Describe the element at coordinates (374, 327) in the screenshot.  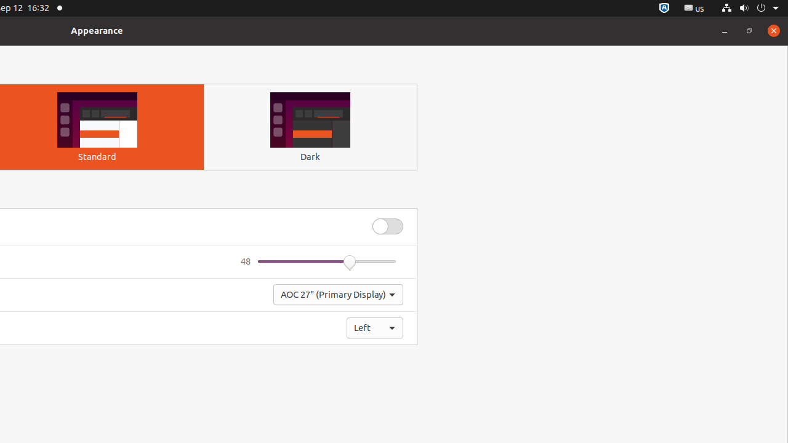
I see `'Left'` at that location.